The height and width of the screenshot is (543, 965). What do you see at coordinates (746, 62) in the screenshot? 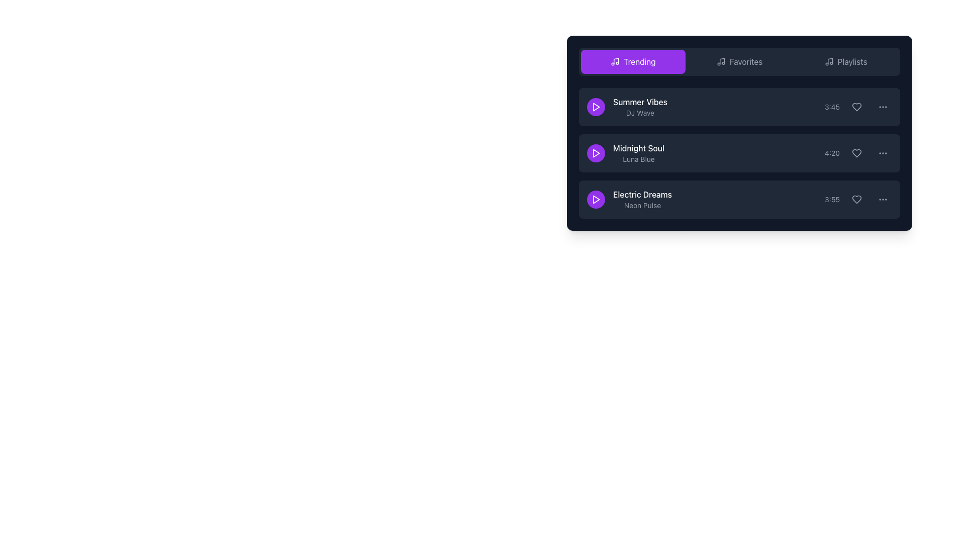
I see `the text label 'Favorites', which is styled with capitalized dark font and is located in the button group structure on the top section of the interface panel` at bounding box center [746, 62].